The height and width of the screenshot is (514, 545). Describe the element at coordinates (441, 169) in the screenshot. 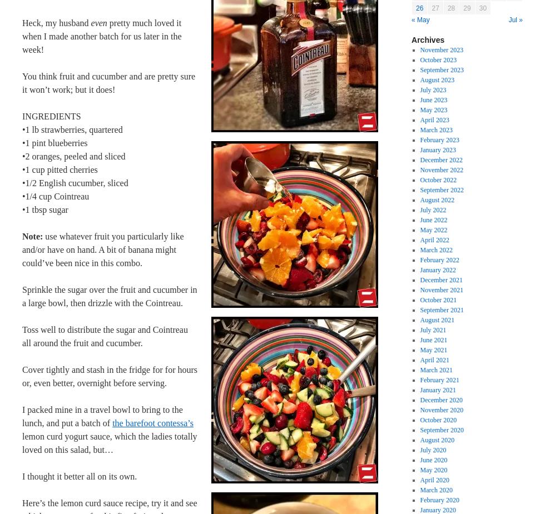

I see `'November 2022'` at that location.